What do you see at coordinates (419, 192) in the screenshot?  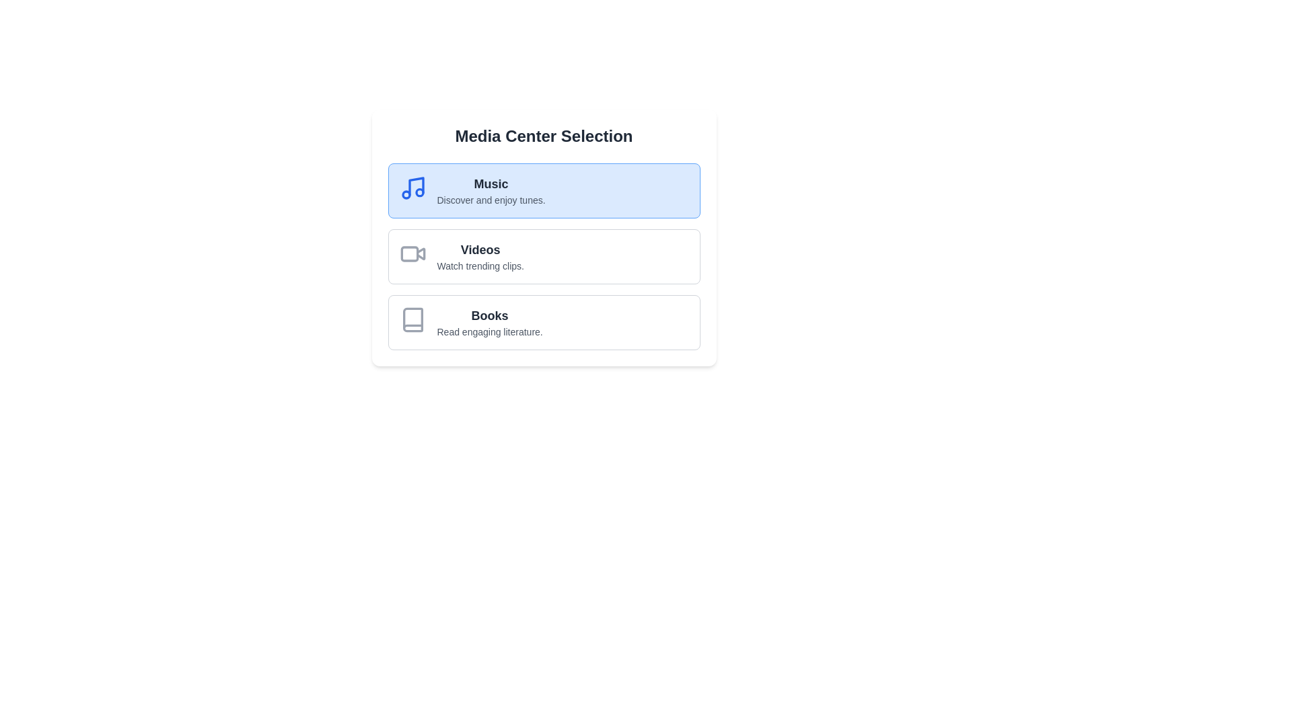 I see `the second circle element of the 'Music' icon located at the upper-left corner of the 'Music' card in the 'Media Center Selection' interface` at bounding box center [419, 192].